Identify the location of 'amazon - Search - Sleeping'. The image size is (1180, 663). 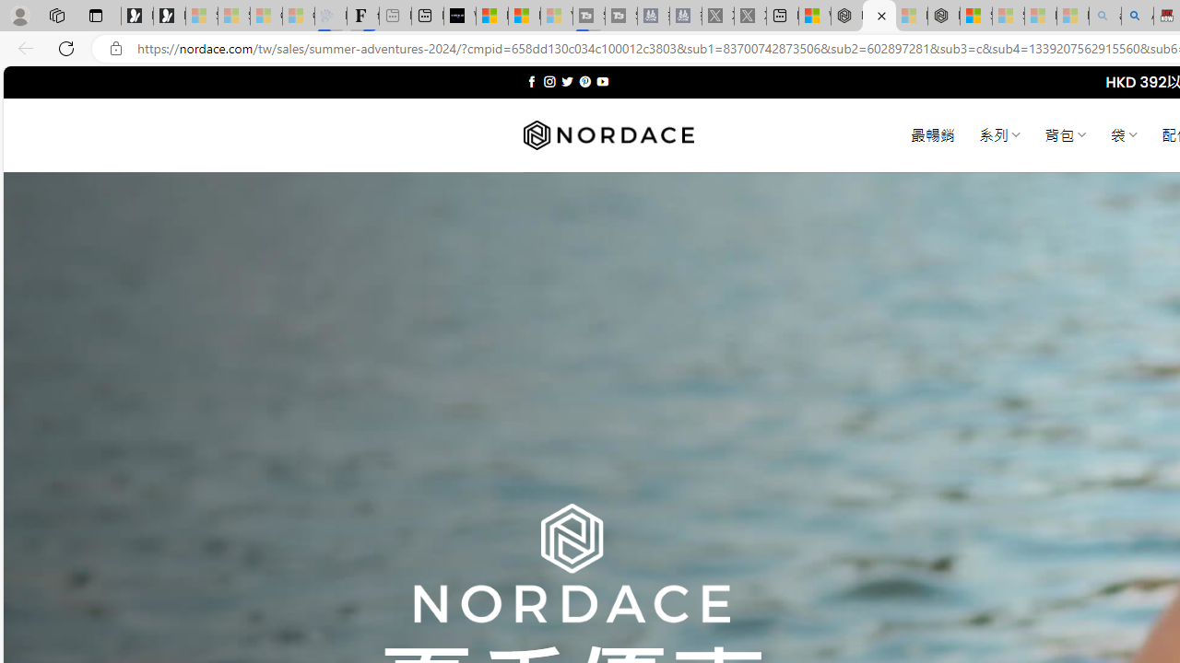
(1104, 16).